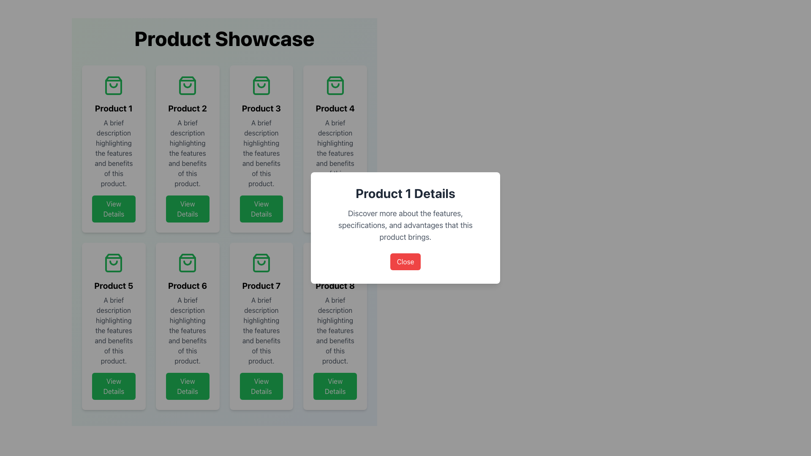 The height and width of the screenshot is (456, 811). Describe the element at coordinates (187, 330) in the screenshot. I see `the text element that provides a brief description of the product's features and benefits, located beneath the title 'Product 6' and above the 'View Details' button` at that location.